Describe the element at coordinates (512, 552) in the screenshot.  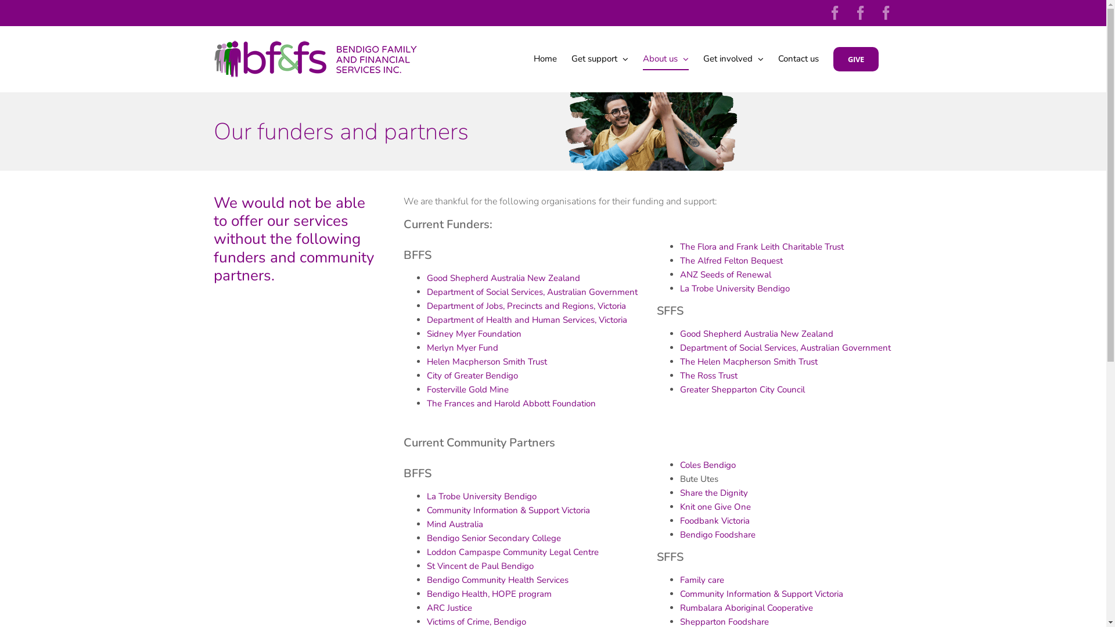
I see `'Loddon Campaspe Community Legal Centre'` at that location.